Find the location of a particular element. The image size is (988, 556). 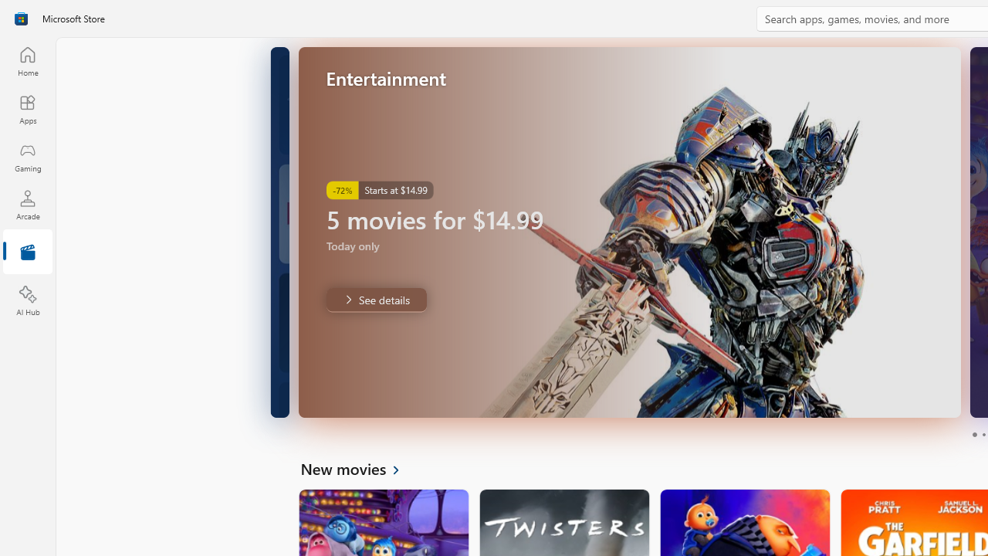

'Home' is located at coordinates (27, 60).